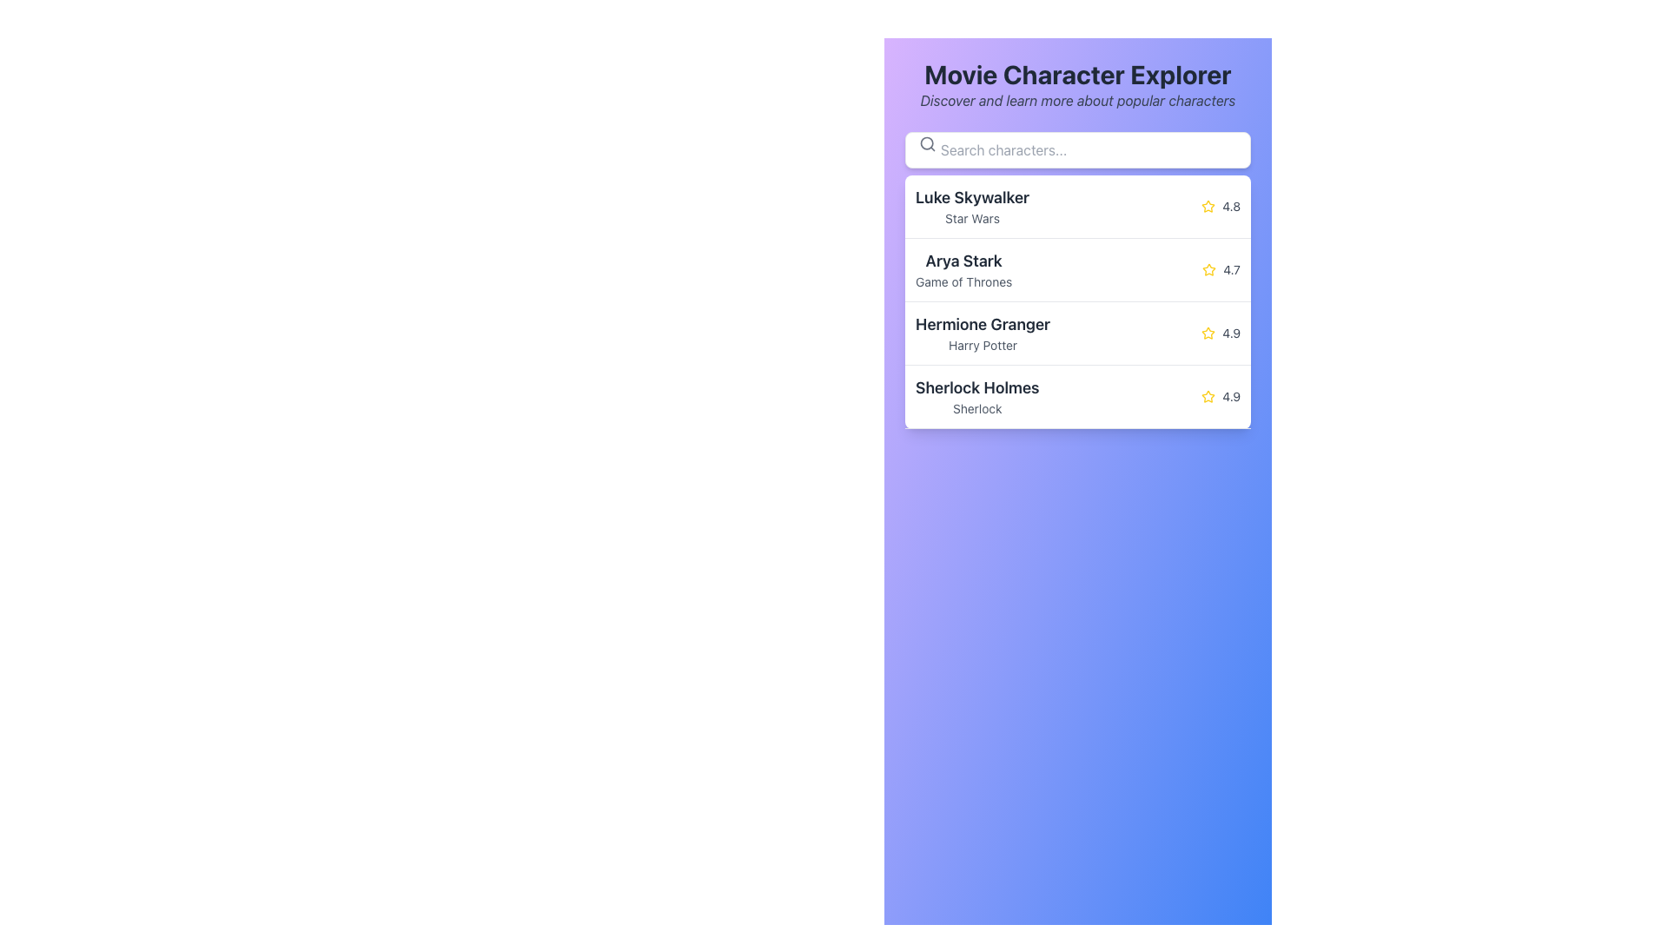 The height and width of the screenshot is (938, 1668). Describe the element at coordinates (1231, 270) in the screenshot. I see `the text label '4.7' styled in gray, which is part of the rating system and located adjacent to the yellow star icon for the 'Arya Stark' entry` at that location.